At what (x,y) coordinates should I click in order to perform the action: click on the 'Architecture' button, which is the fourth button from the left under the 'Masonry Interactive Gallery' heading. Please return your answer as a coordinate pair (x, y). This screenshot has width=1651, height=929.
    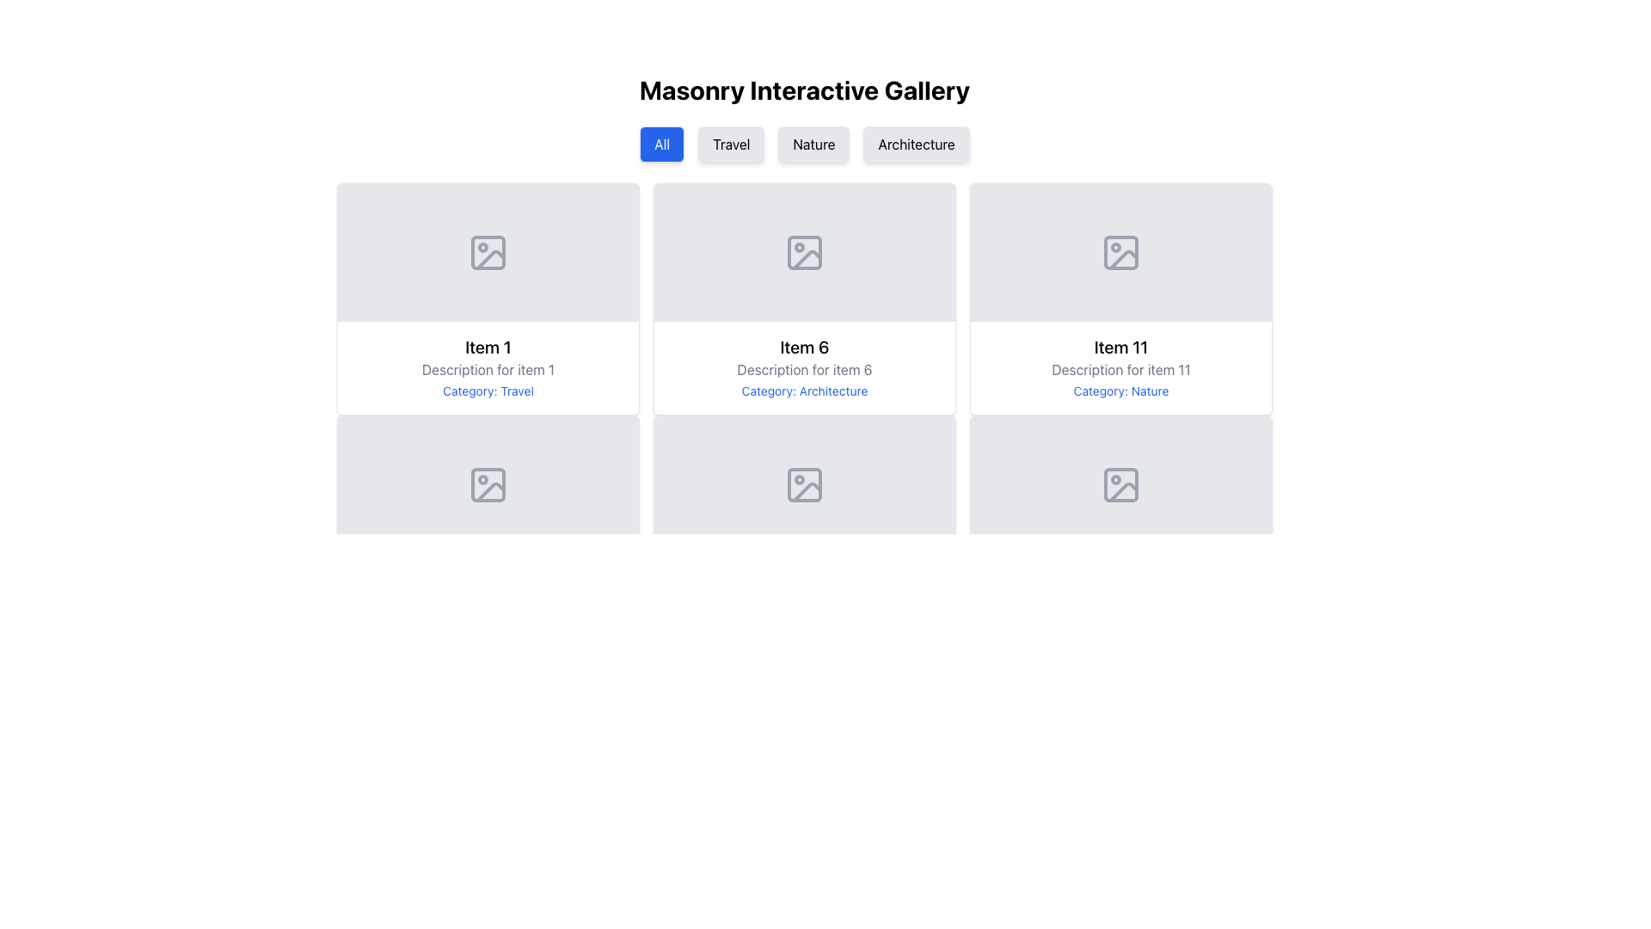
    Looking at the image, I should click on (915, 144).